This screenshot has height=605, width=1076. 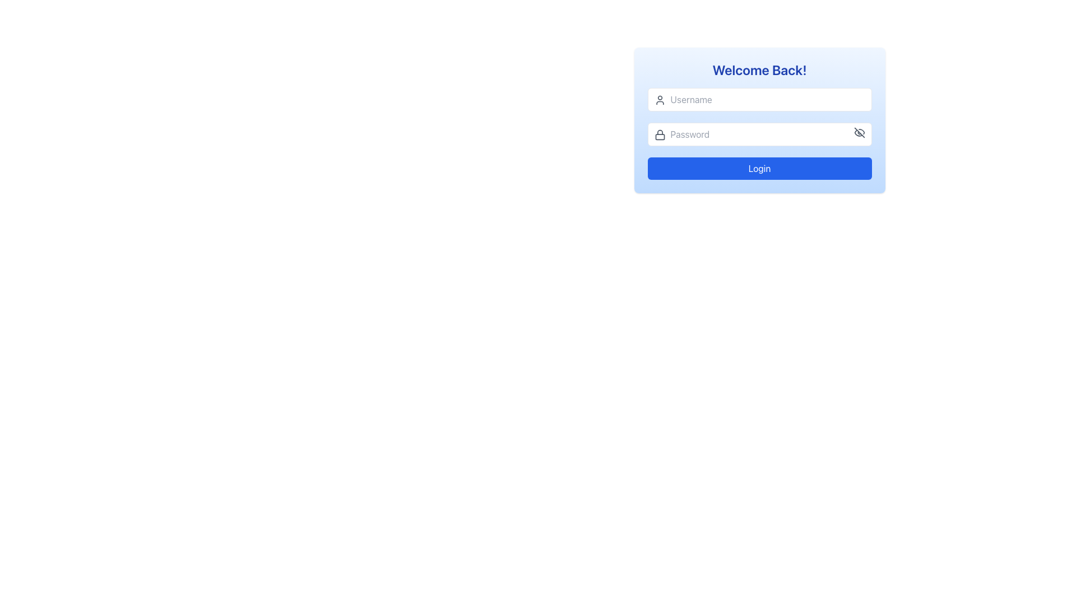 I want to click on the prominent blue 'Login' button with white text, so click(x=759, y=168).